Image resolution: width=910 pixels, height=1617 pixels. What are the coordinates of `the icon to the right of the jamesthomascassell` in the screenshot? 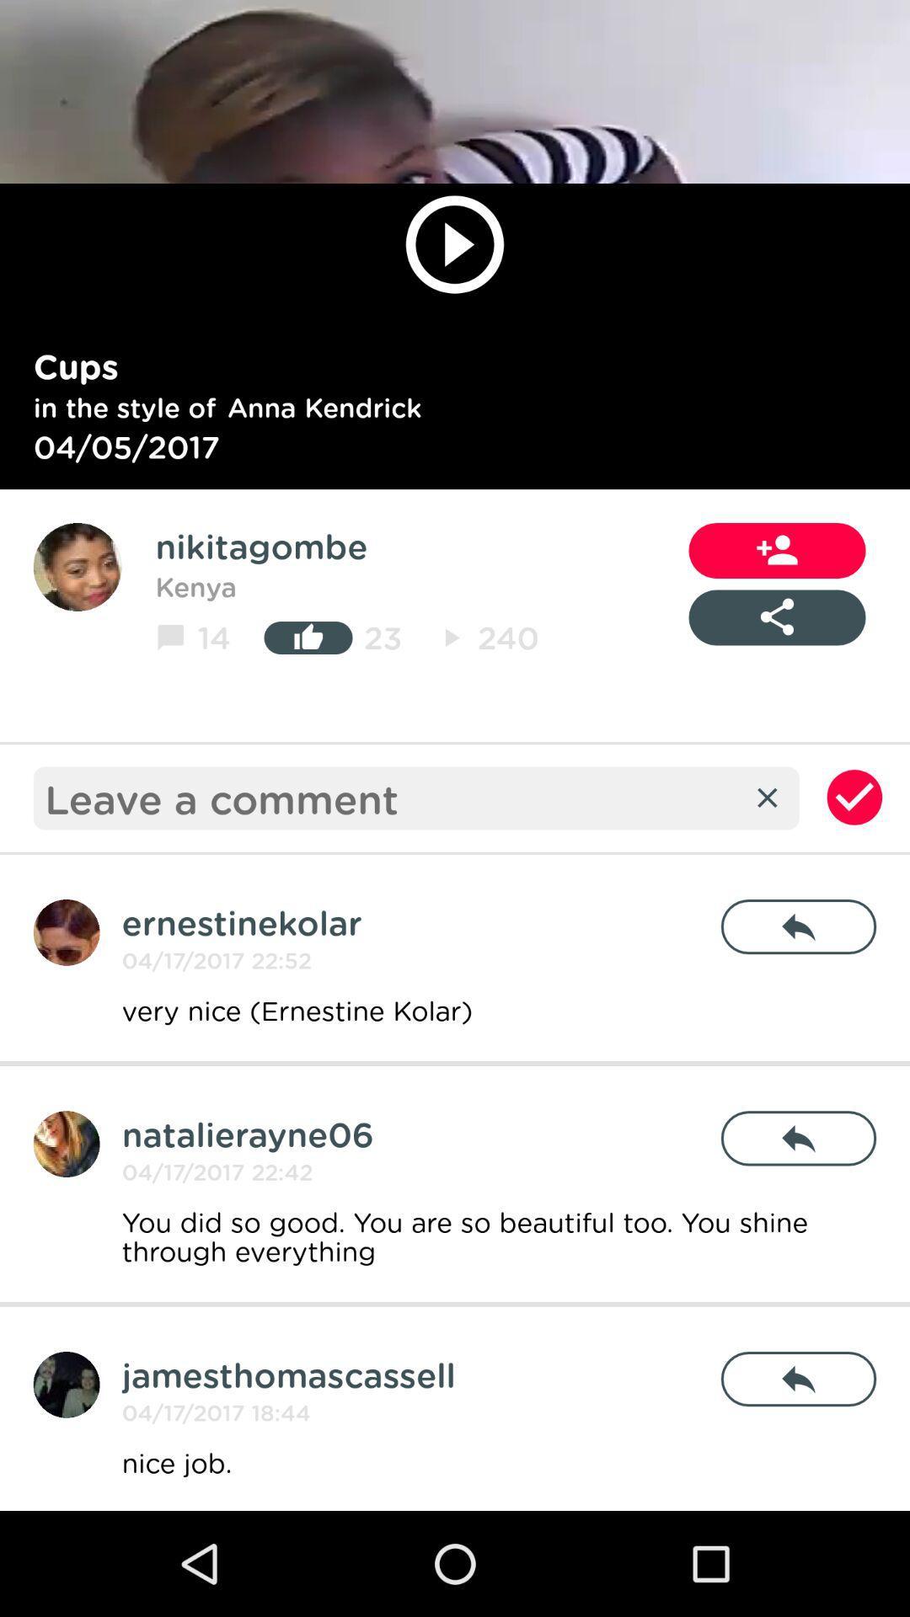 It's located at (798, 1379).